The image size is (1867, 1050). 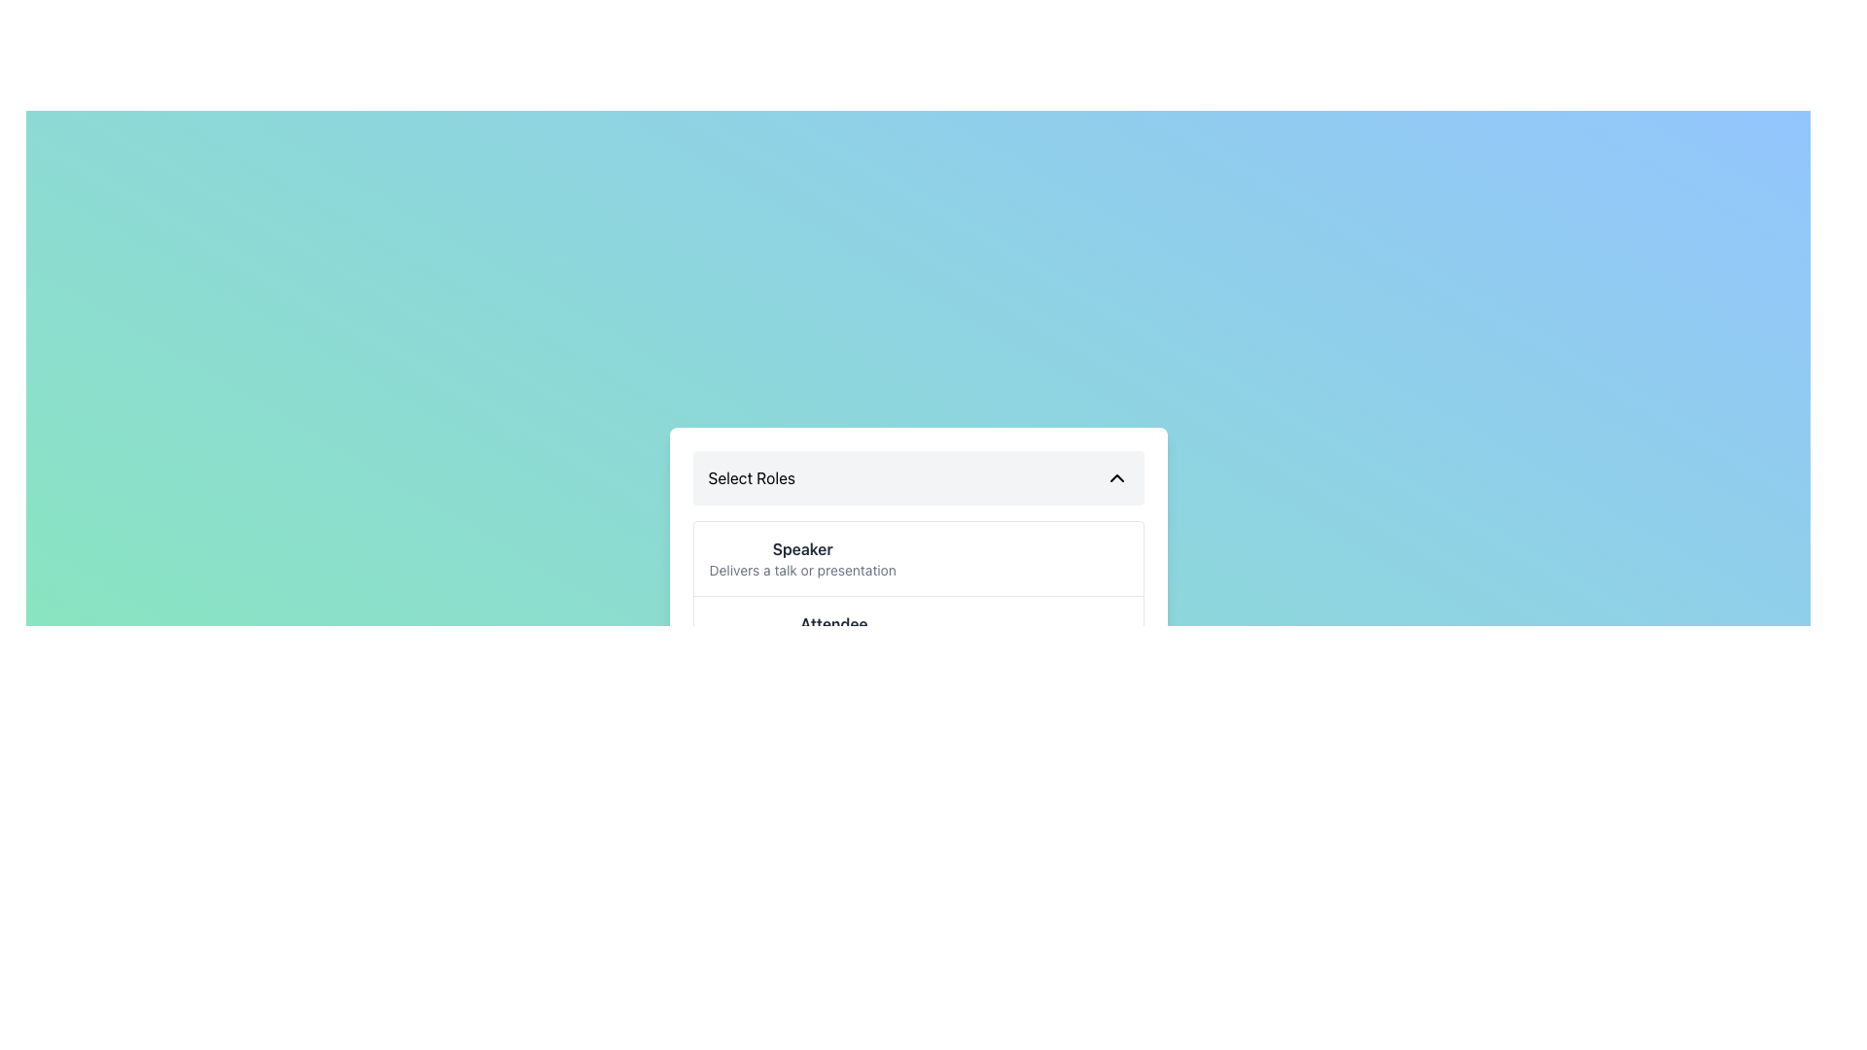 I want to click on the Role selection option labeled 'Attendee', so click(x=833, y=633).